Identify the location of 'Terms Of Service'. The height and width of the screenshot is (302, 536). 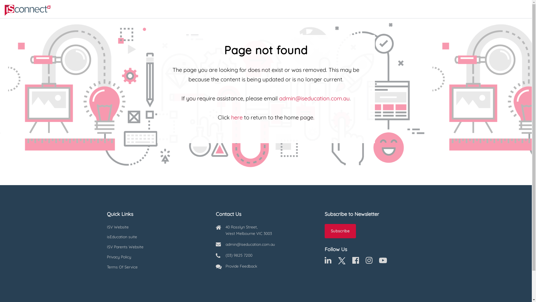
(156, 267).